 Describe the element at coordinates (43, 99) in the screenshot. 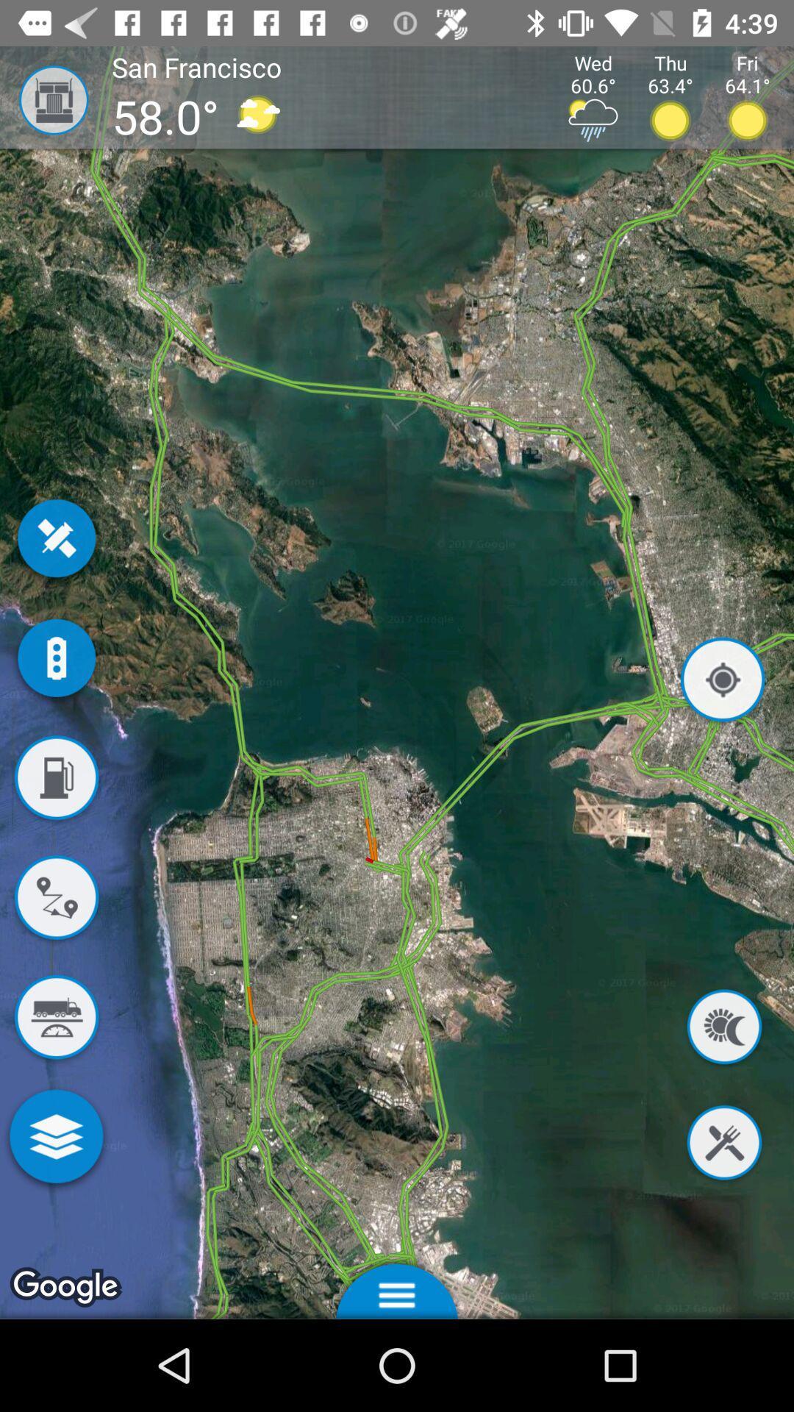

I see `the icon to the left of the san francisco` at that location.